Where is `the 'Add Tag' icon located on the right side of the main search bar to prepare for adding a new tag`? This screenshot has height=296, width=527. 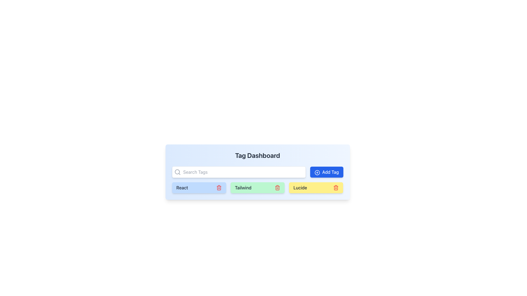 the 'Add Tag' icon located on the right side of the main search bar to prepare for adding a new tag is located at coordinates (317, 172).